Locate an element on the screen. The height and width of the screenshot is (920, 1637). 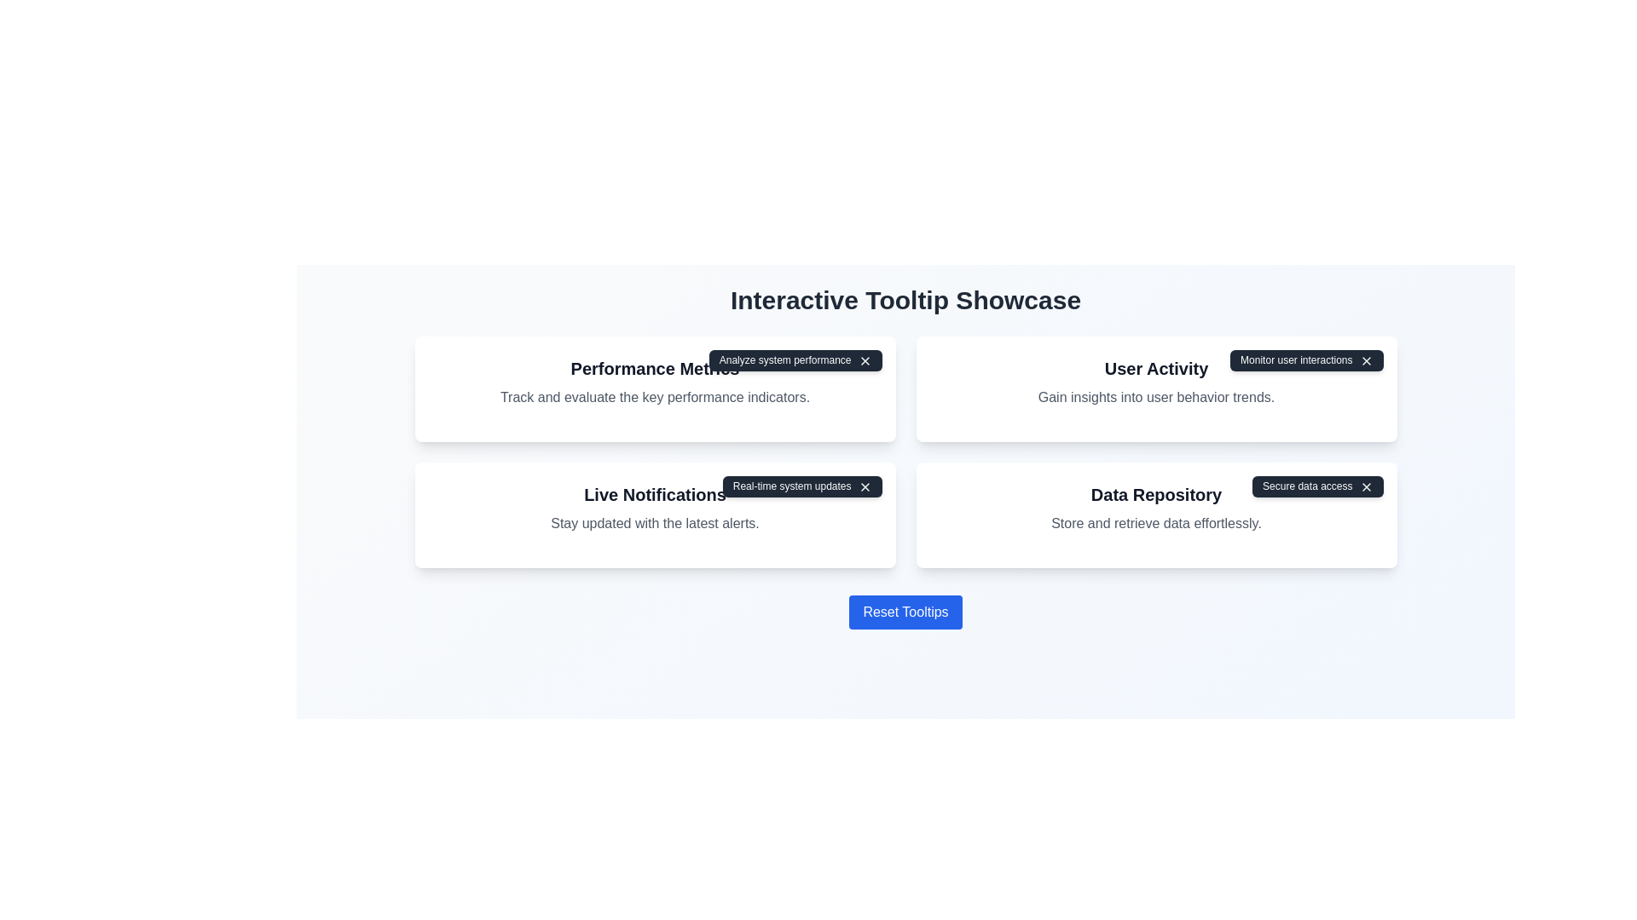
the header/title text that summarizes the performance evaluation and metrics within the 'Performance Metrics' card, located at the center-left of the layout is located at coordinates (654, 367).